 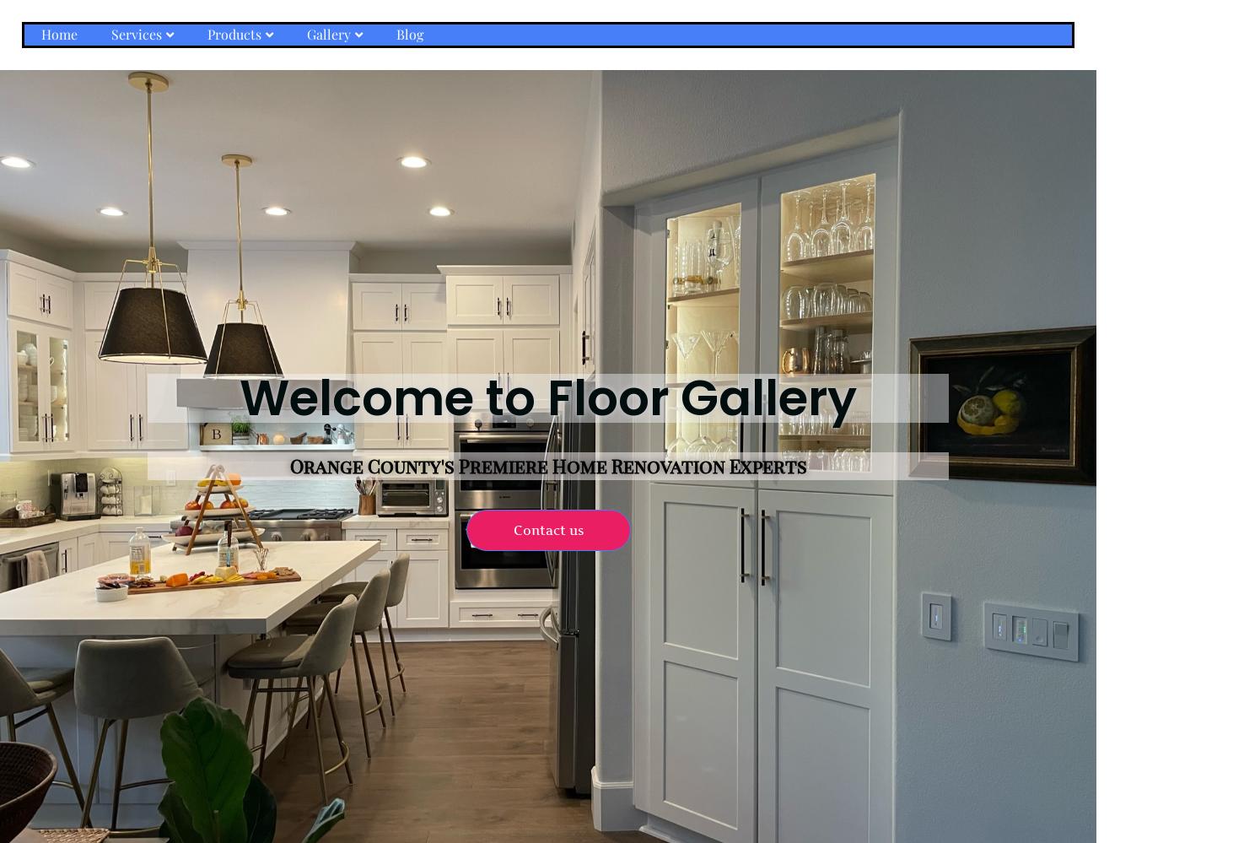 I want to click on 'Bathroom Remodeling', so click(x=167, y=112).